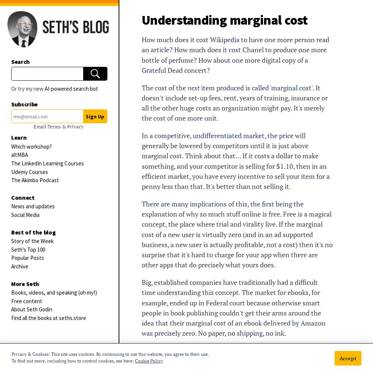 The height and width of the screenshot is (373, 373). Describe the element at coordinates (28, 88) in the screenshot. I see `'Or try my new'` at that location.